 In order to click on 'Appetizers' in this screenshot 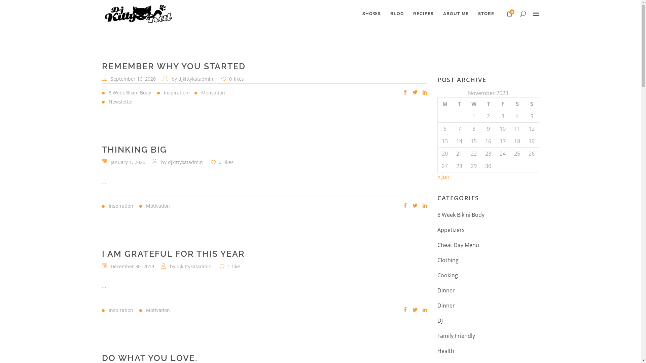, I will do `click(437, 230)`.